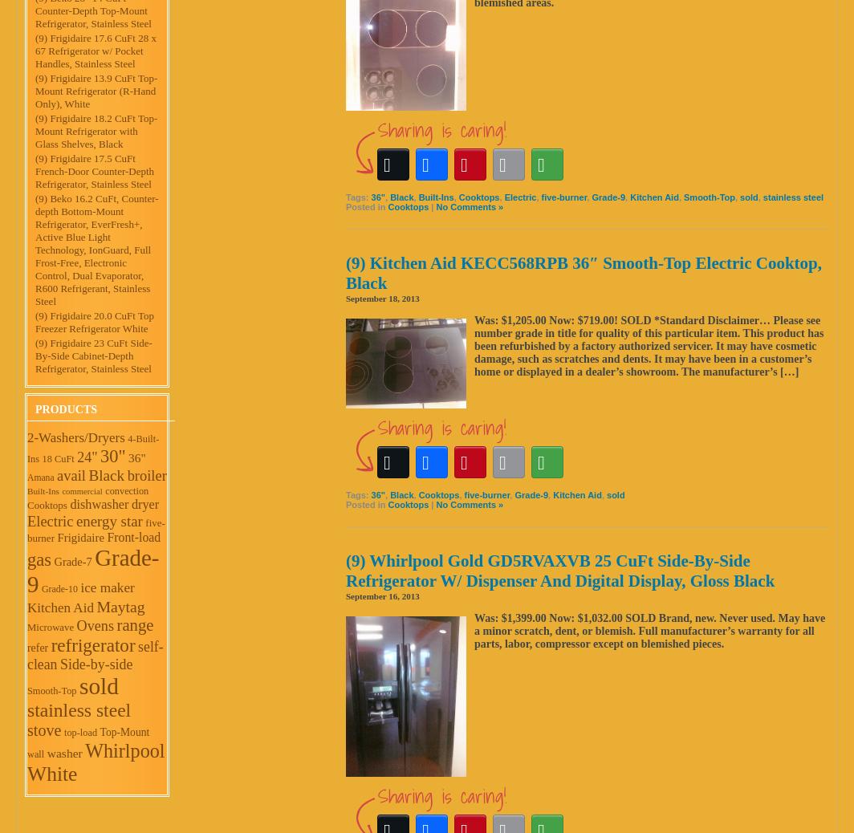 This screenshot has height=833, width=854. Describe the element at coordinates (78, 686) in the screenshot. I see `'sold'` at that location.